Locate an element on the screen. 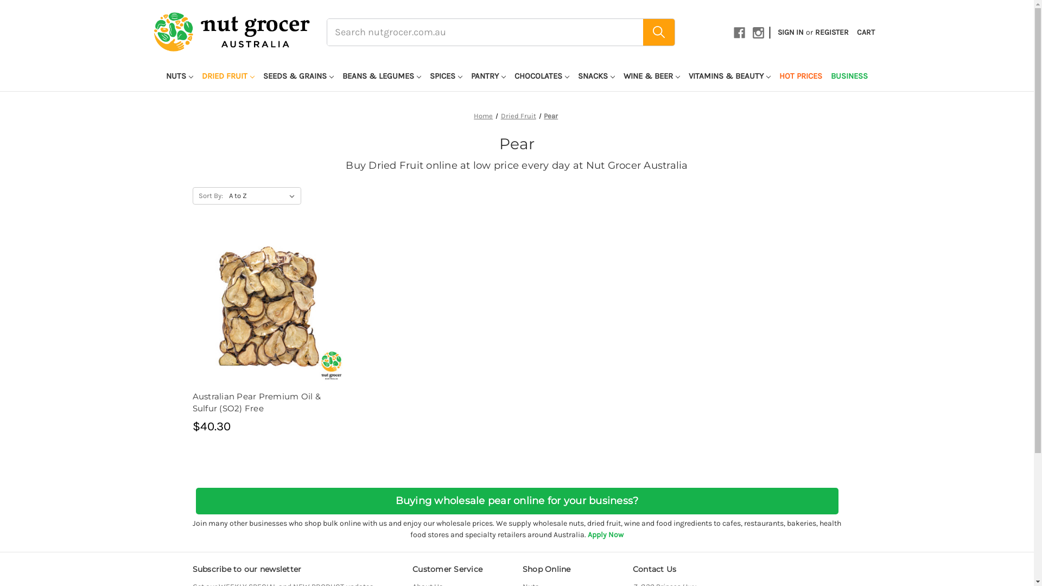  'Apply Now' is located at coordinates (587, 534).